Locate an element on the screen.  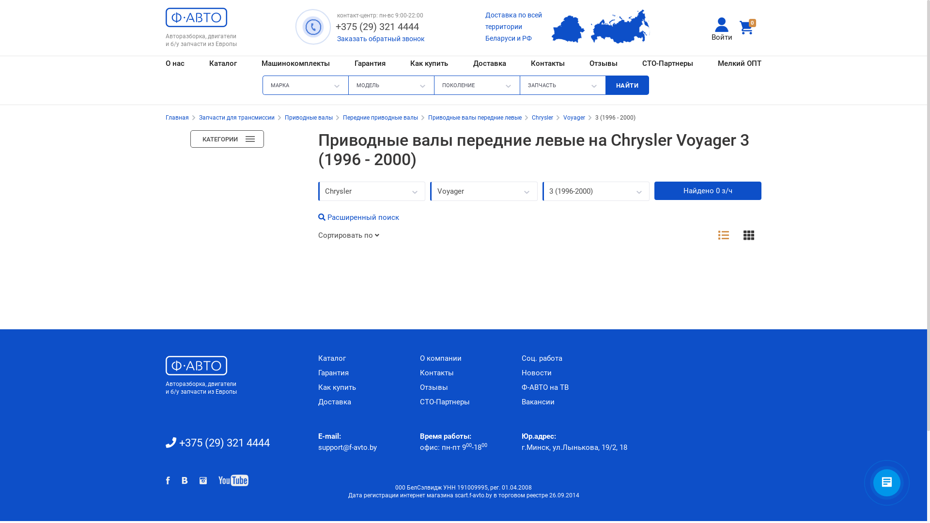
'0' is located at coordinates (748, 27).